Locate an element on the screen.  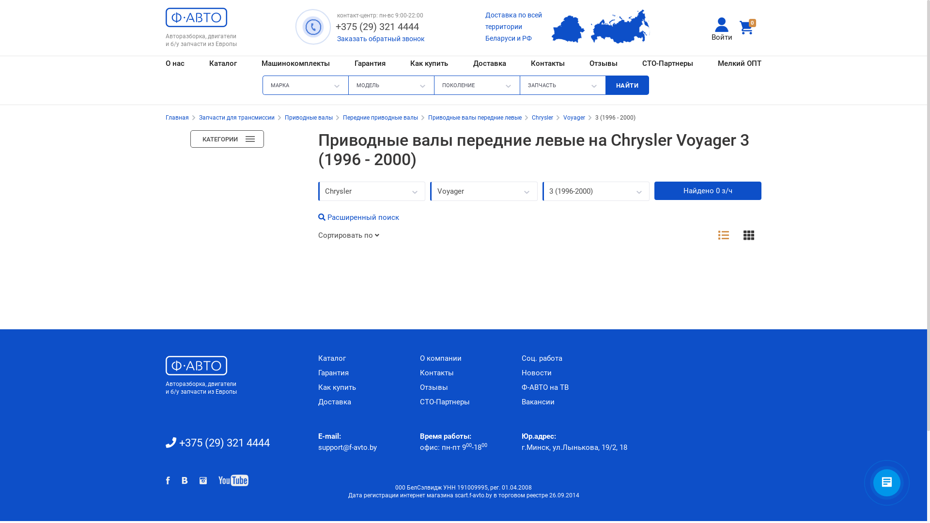
'0' is located at coordinates (748, 27).